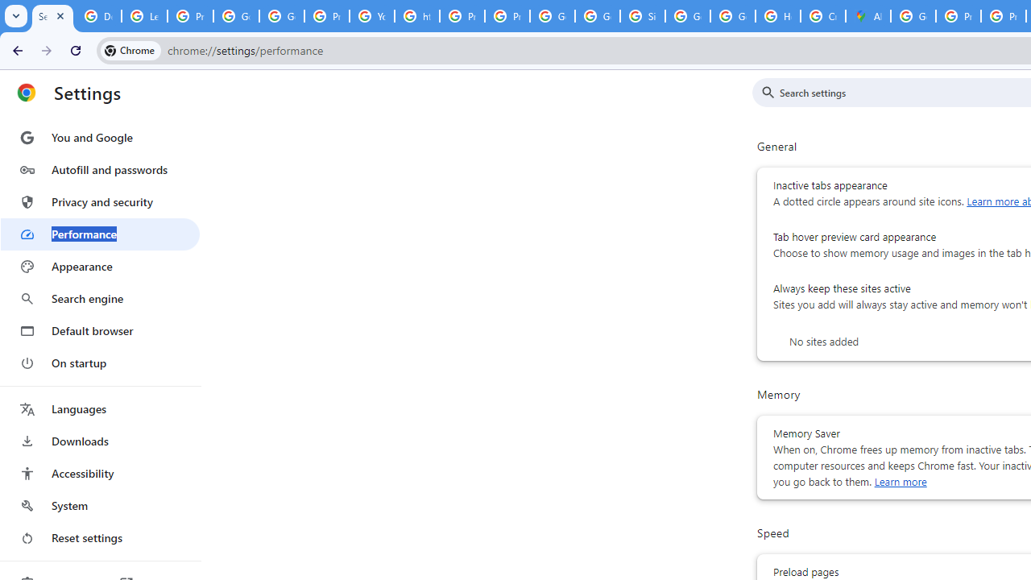 Image resolution: width=1031 pixels, height=580 pixels. I want to click on 'Settings - Performance', so click(52, 16).